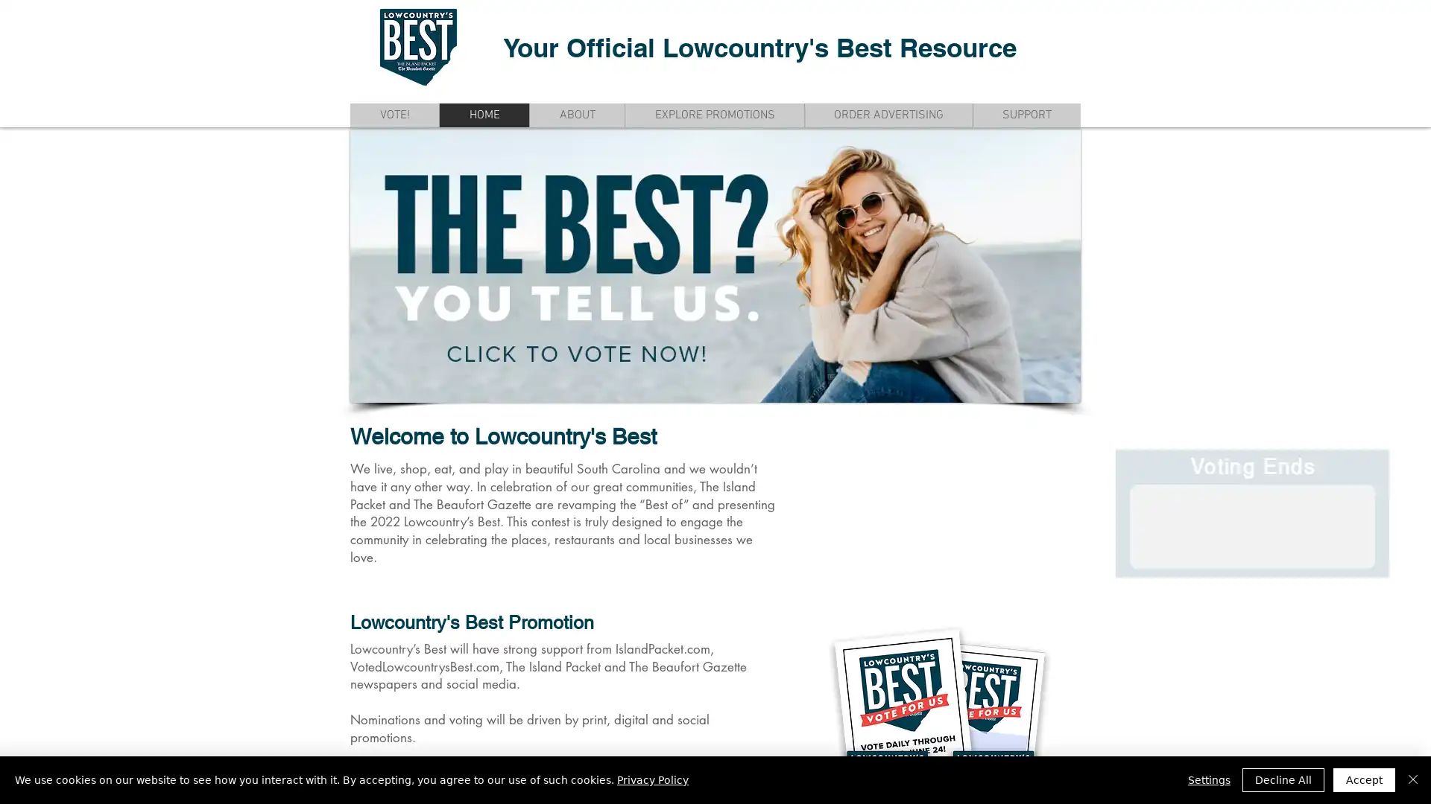  Describe the element at coordinates (1412, 779) in the screenshot. I see `Close` at that location.